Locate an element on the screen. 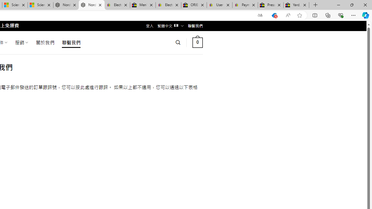 The height and width of the screenshot is (209, 372). 'This site has coupons! Shopping in Microsoft Edge, 5' is located at coordinates (274, 15).